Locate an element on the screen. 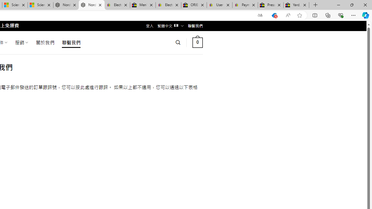 The height and width of the screenshot is (209, 372). 'This site has coupons! Shopping in Microsoft Edge, 5' is located at coordinates (274, 15).